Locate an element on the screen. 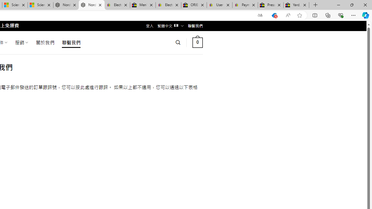 The height and width of the screenshot is (209, 372). 'This site has coupons! Shopping in Microsoft Edge, 5' is located at coordinates (274, 15).